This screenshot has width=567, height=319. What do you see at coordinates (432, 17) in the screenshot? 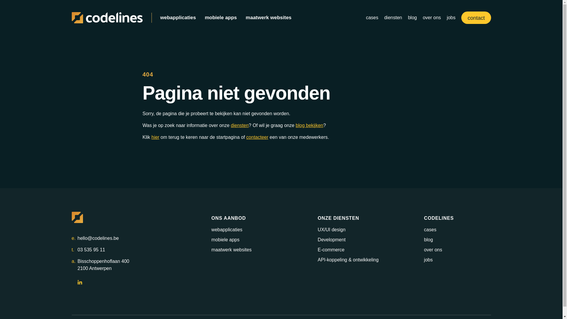
I see `'over ons'` at bounding box center [432, 17].